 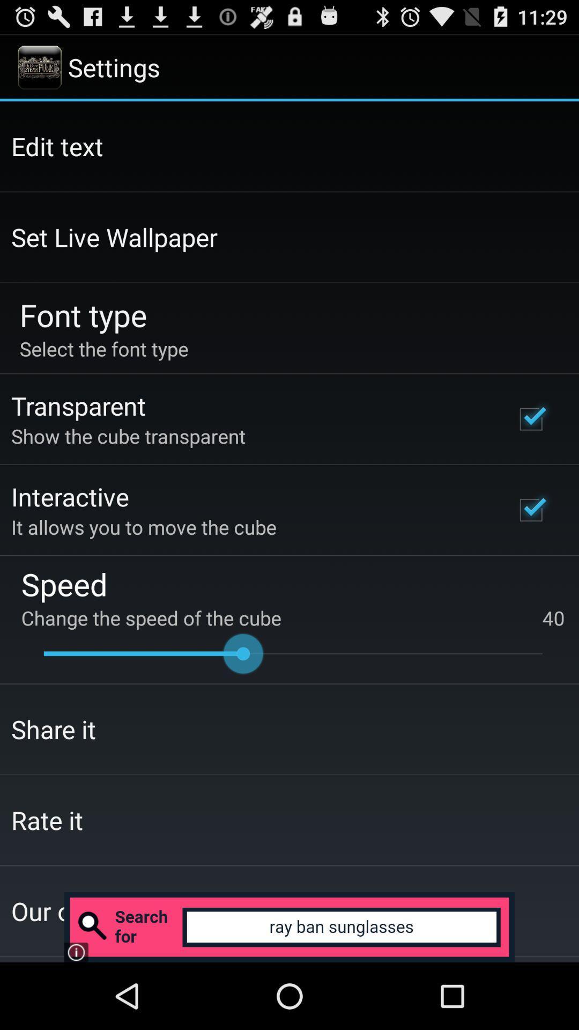 I want to click on the icon above it allows you icon, so click(x=70, y=496).